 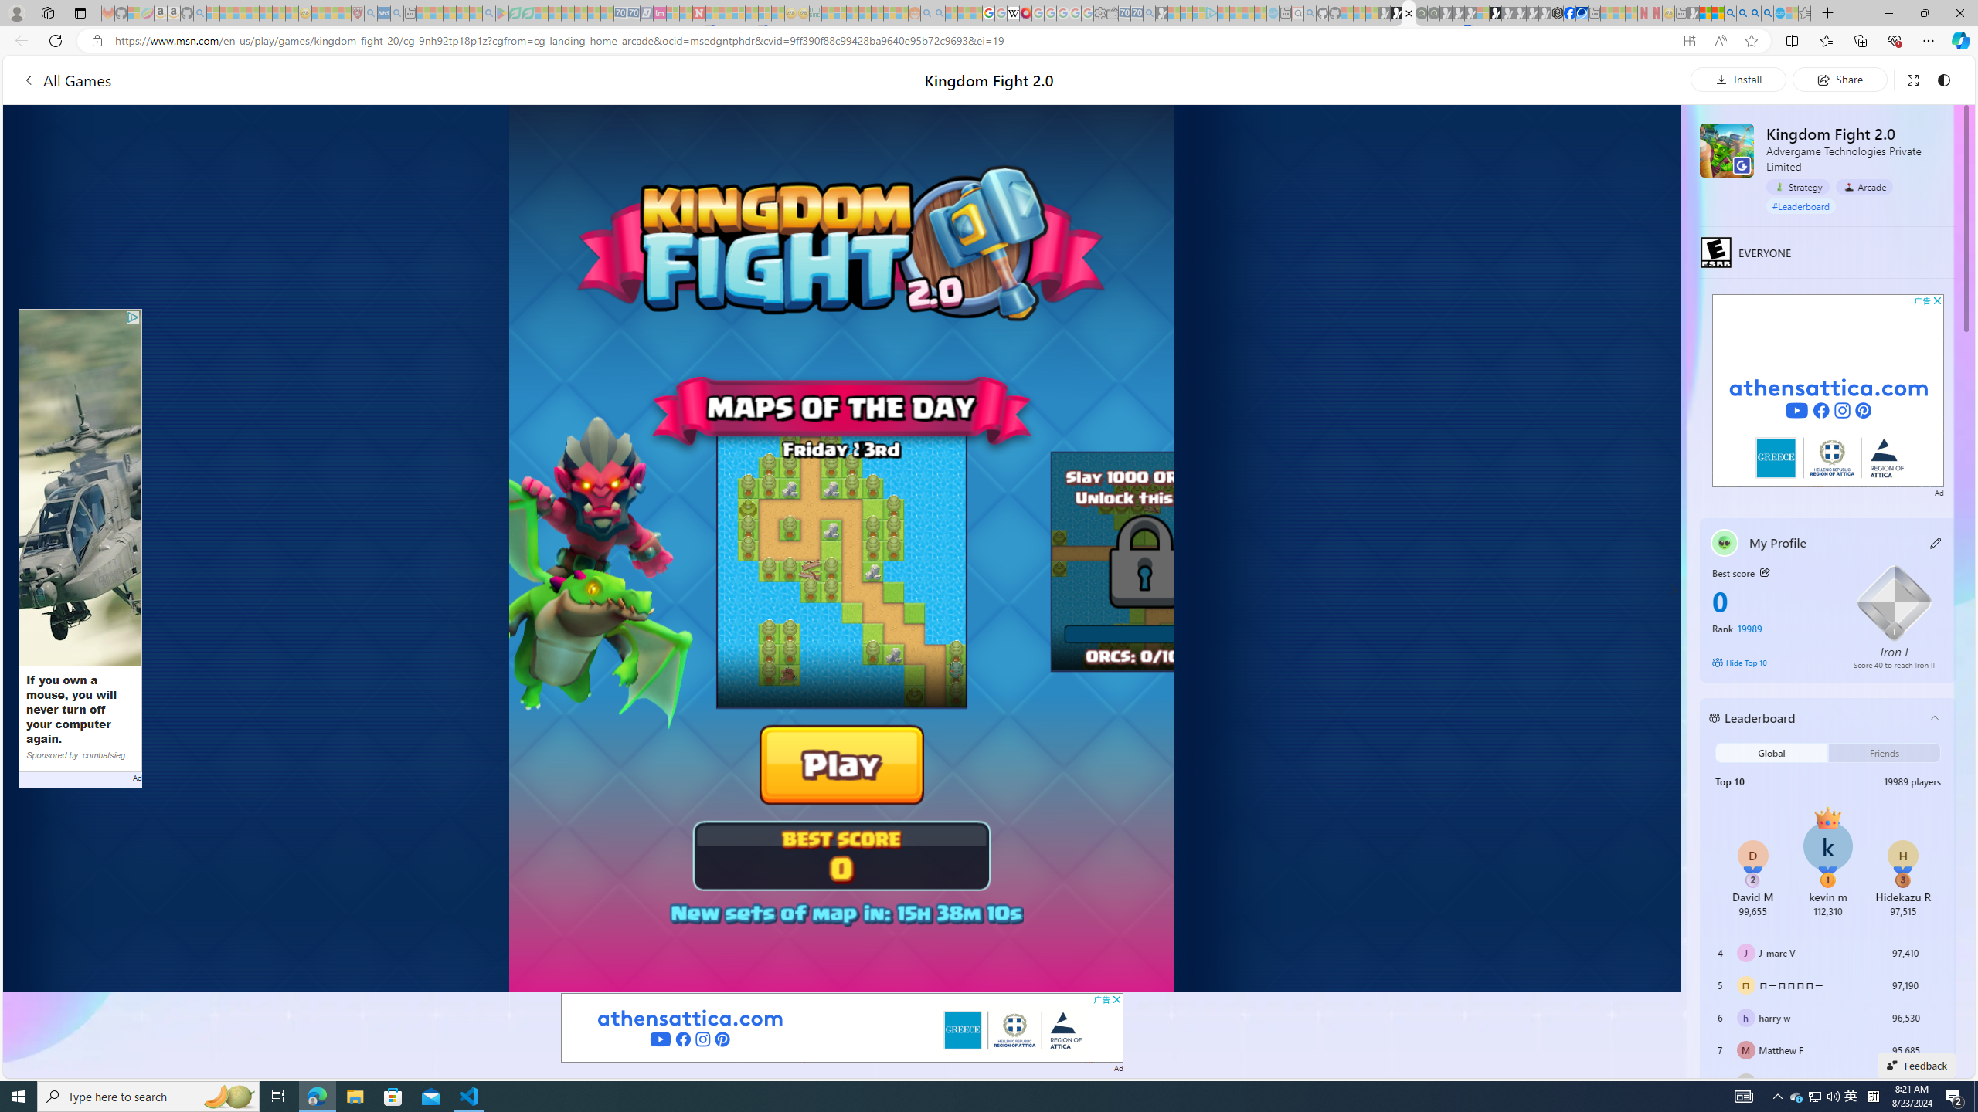 I want to click on 'Microsoft Start - Sleeping', so click(x=1248, y=12).